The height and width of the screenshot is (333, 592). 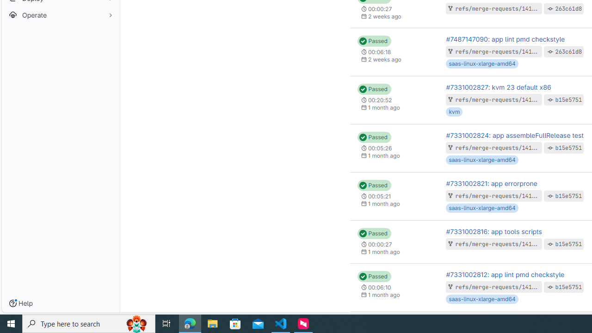 I want to click on '#7331002816: app tools scripts', so click(x=493, y=231).